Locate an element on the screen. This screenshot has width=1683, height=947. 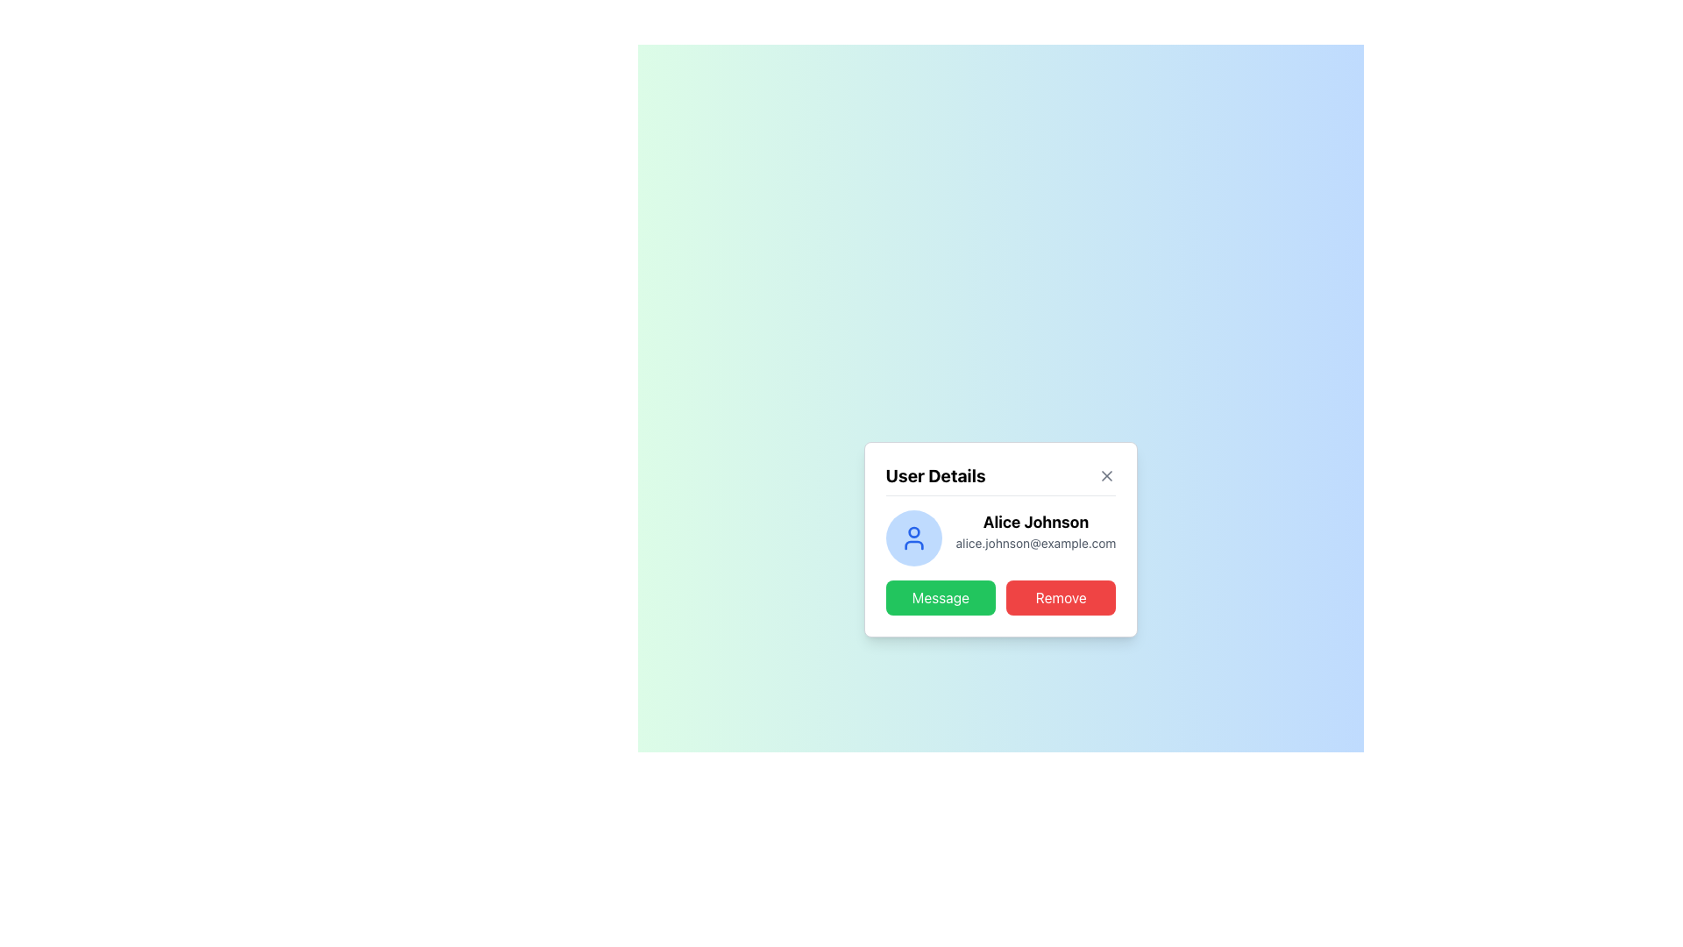
the bold text label displaying 'Alice Johnson' located in the 'User Details' modal, positioned below the title and adjacent to the email address is located at coordinates (1001, 516).